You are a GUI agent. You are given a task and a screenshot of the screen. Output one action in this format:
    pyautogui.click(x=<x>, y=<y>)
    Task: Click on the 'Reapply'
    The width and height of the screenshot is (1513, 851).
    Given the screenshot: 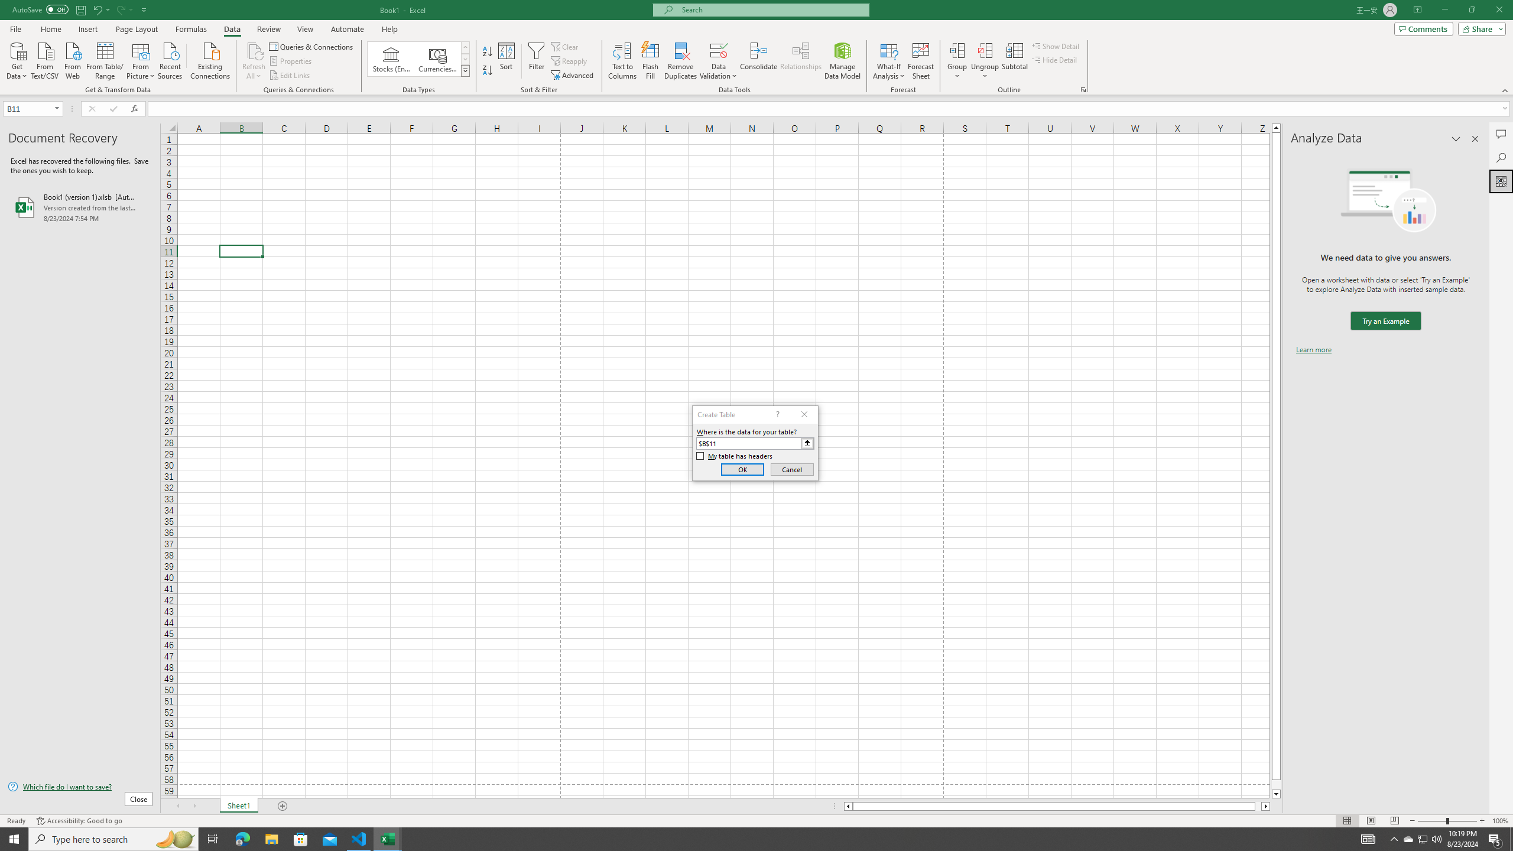 What is the action you would take?
    pyautogui.click(x=570, y=61)
    